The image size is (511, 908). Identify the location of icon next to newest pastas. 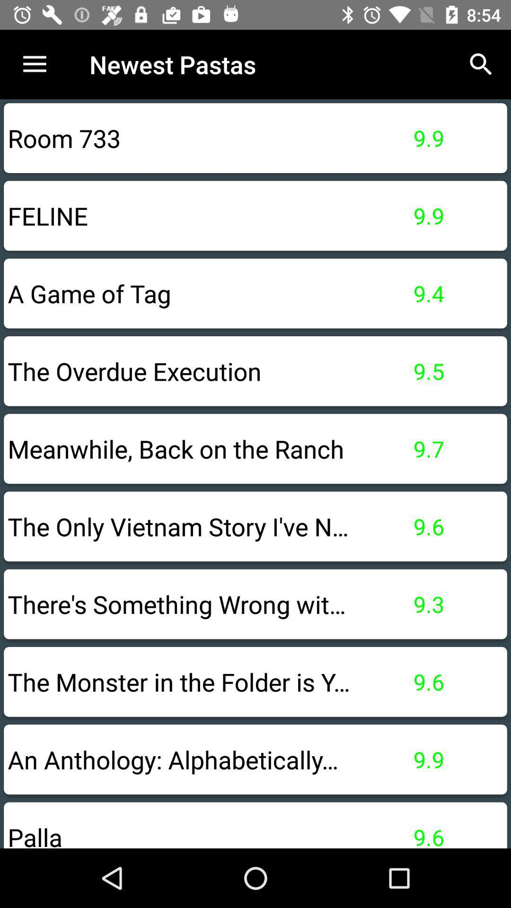
(34, 64).